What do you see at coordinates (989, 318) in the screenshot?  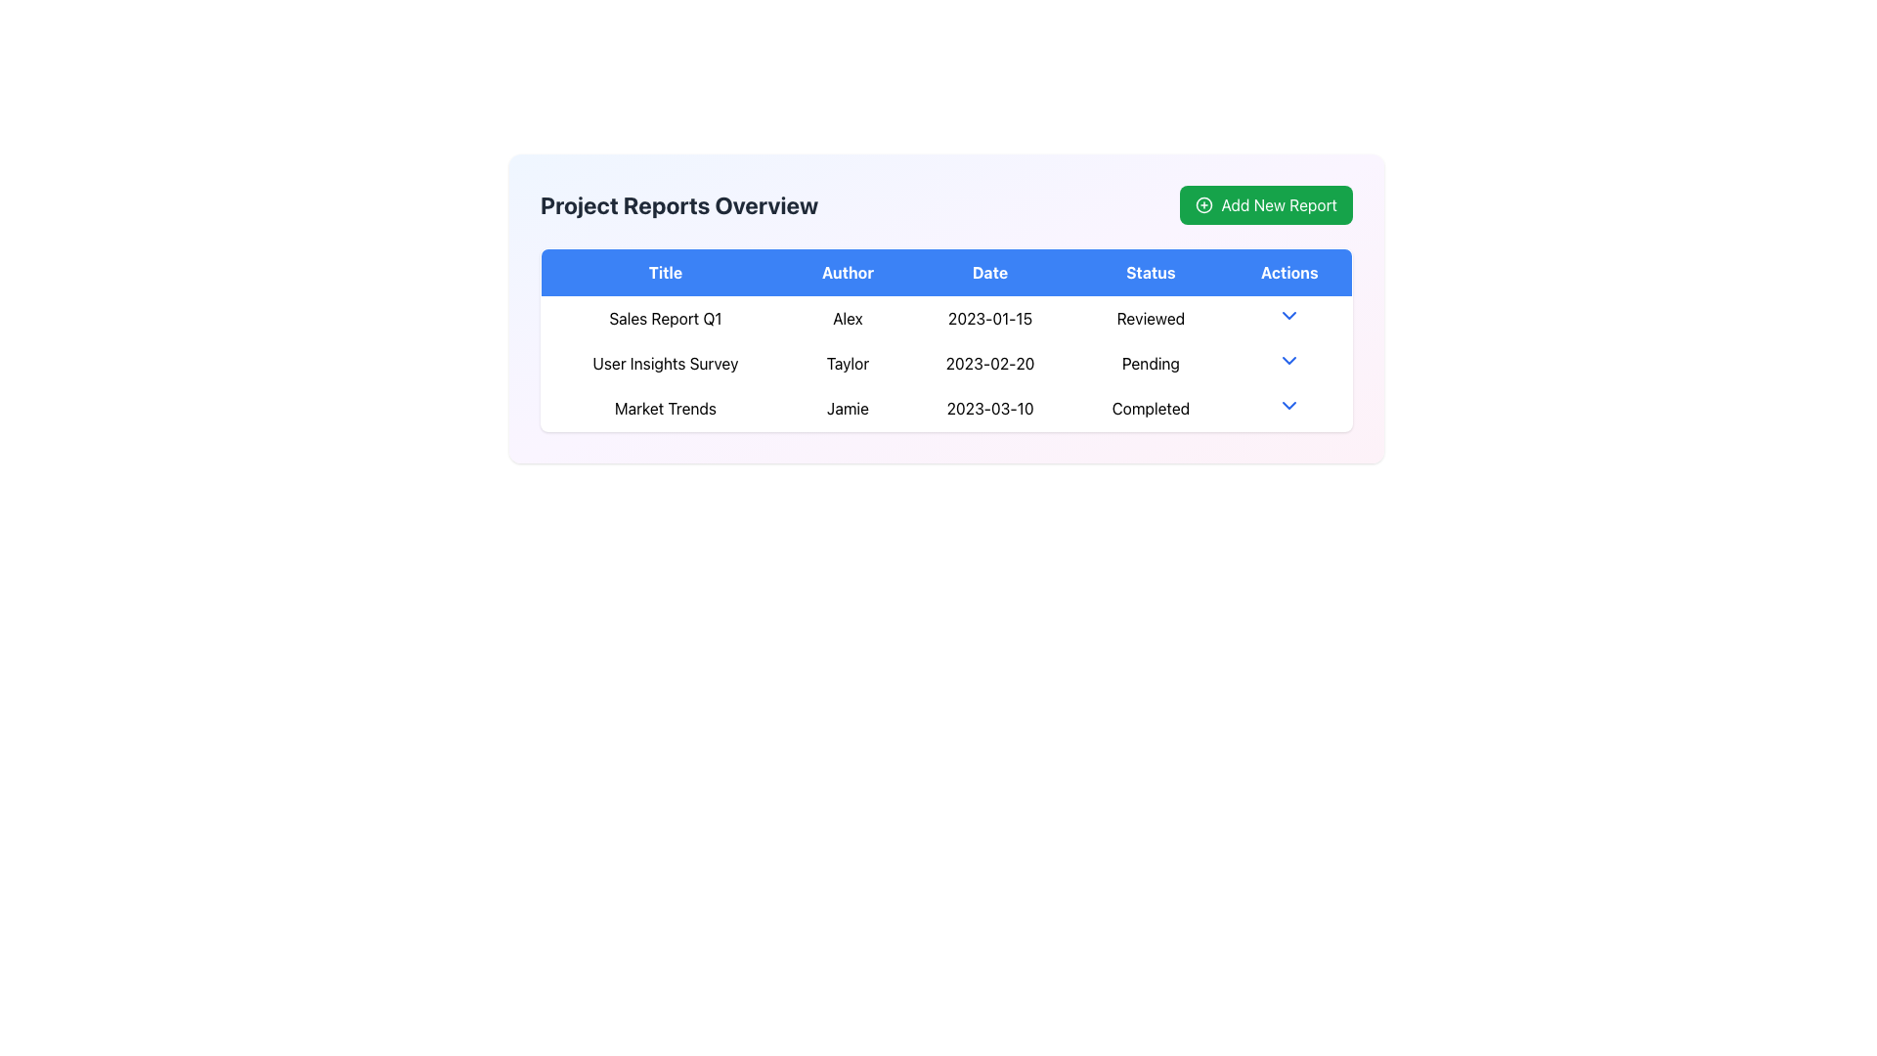 I see `the Text label that represents the publication date for the 'Sales Report Q1' record, located in the third column under the 'Date' header in the first row` at bounding box center [989, 318].